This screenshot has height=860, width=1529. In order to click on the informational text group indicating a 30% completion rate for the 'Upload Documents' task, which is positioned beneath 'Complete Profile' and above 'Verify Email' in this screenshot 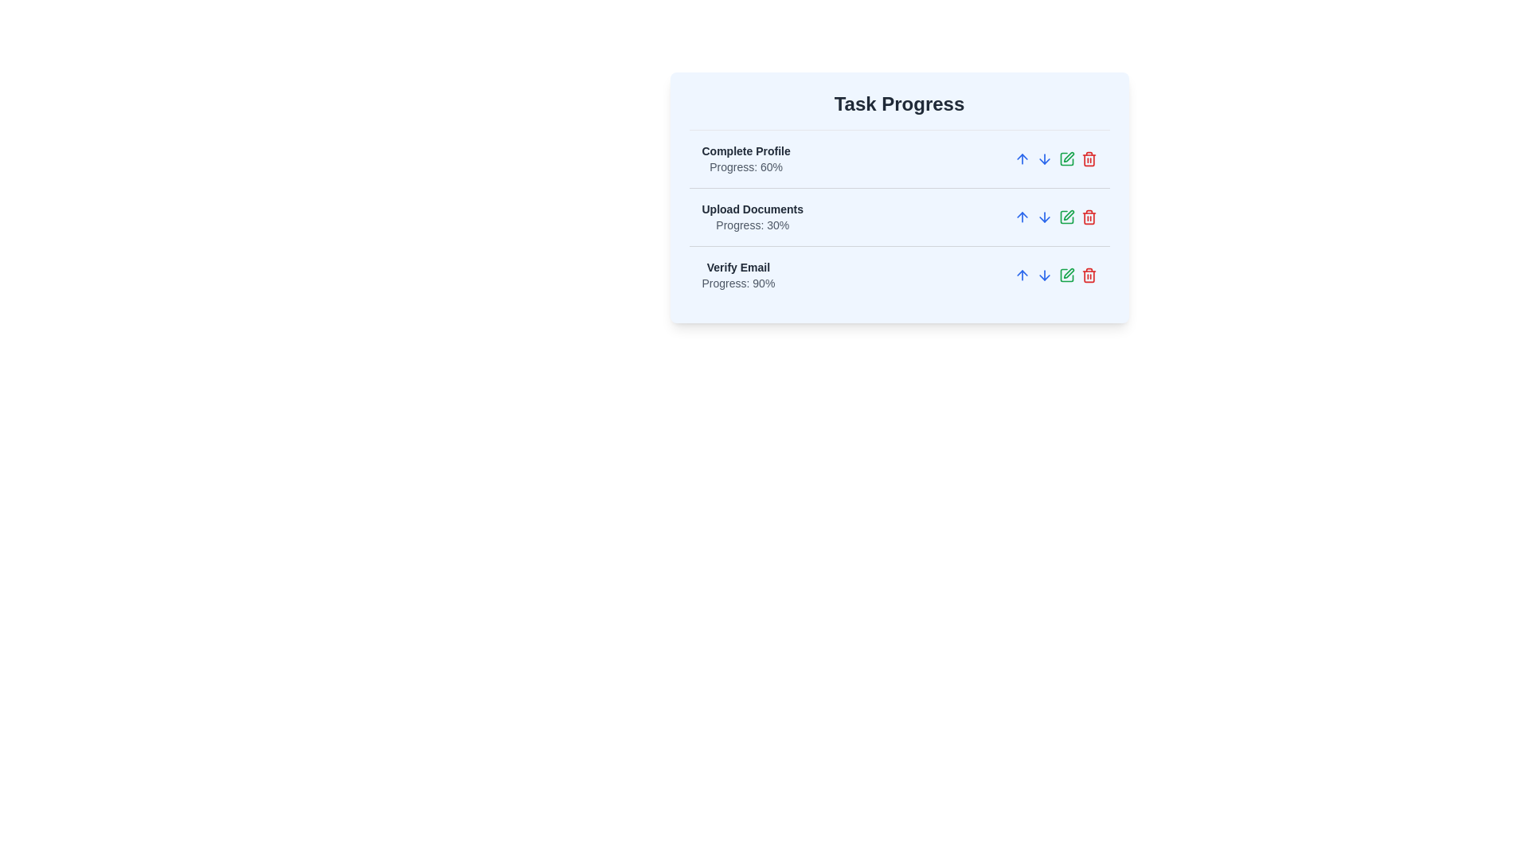, I will do `click(752, 217)`.